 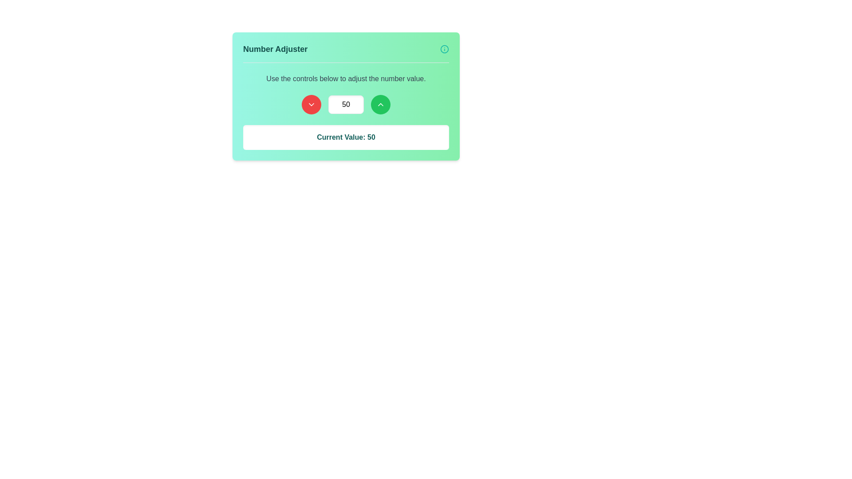 I want to click on the increment button icon located centrally within the circular button to the right of the number input field to increase the numerical value, so click(x=381, y=104).